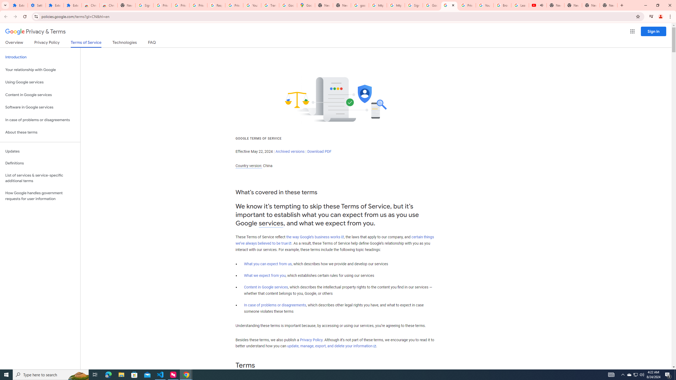 Image resolution: width=676 pixels, height=380 pixels. I want to click on 'services', so click(271, 223).